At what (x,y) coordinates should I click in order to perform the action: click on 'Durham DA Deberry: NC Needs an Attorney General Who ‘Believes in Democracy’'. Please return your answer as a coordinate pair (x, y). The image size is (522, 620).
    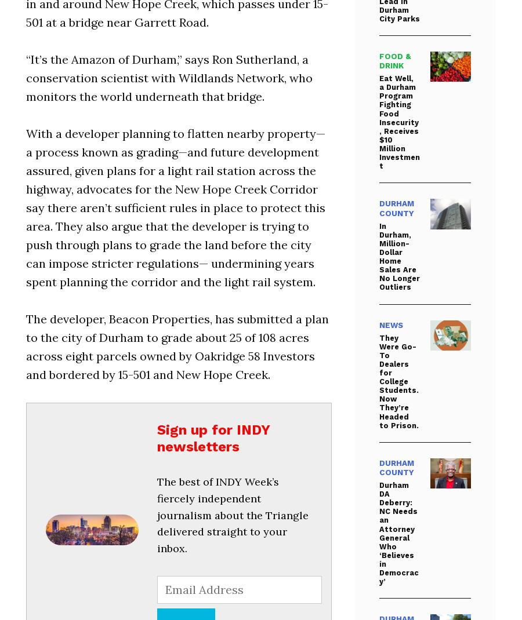
    Looking at the image, I should click on (398, 532).